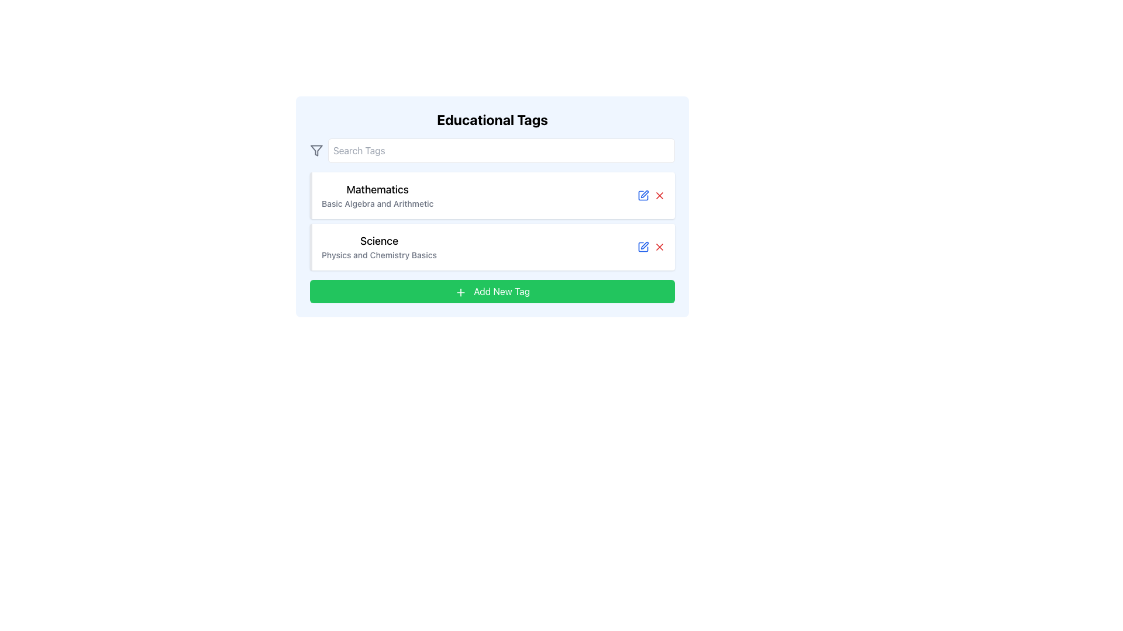 This screenshot has width=1123, height=631. Describe the element at coordinates (660, 247) in the screenshot. I see `the small red 'X' icon button` at that location.